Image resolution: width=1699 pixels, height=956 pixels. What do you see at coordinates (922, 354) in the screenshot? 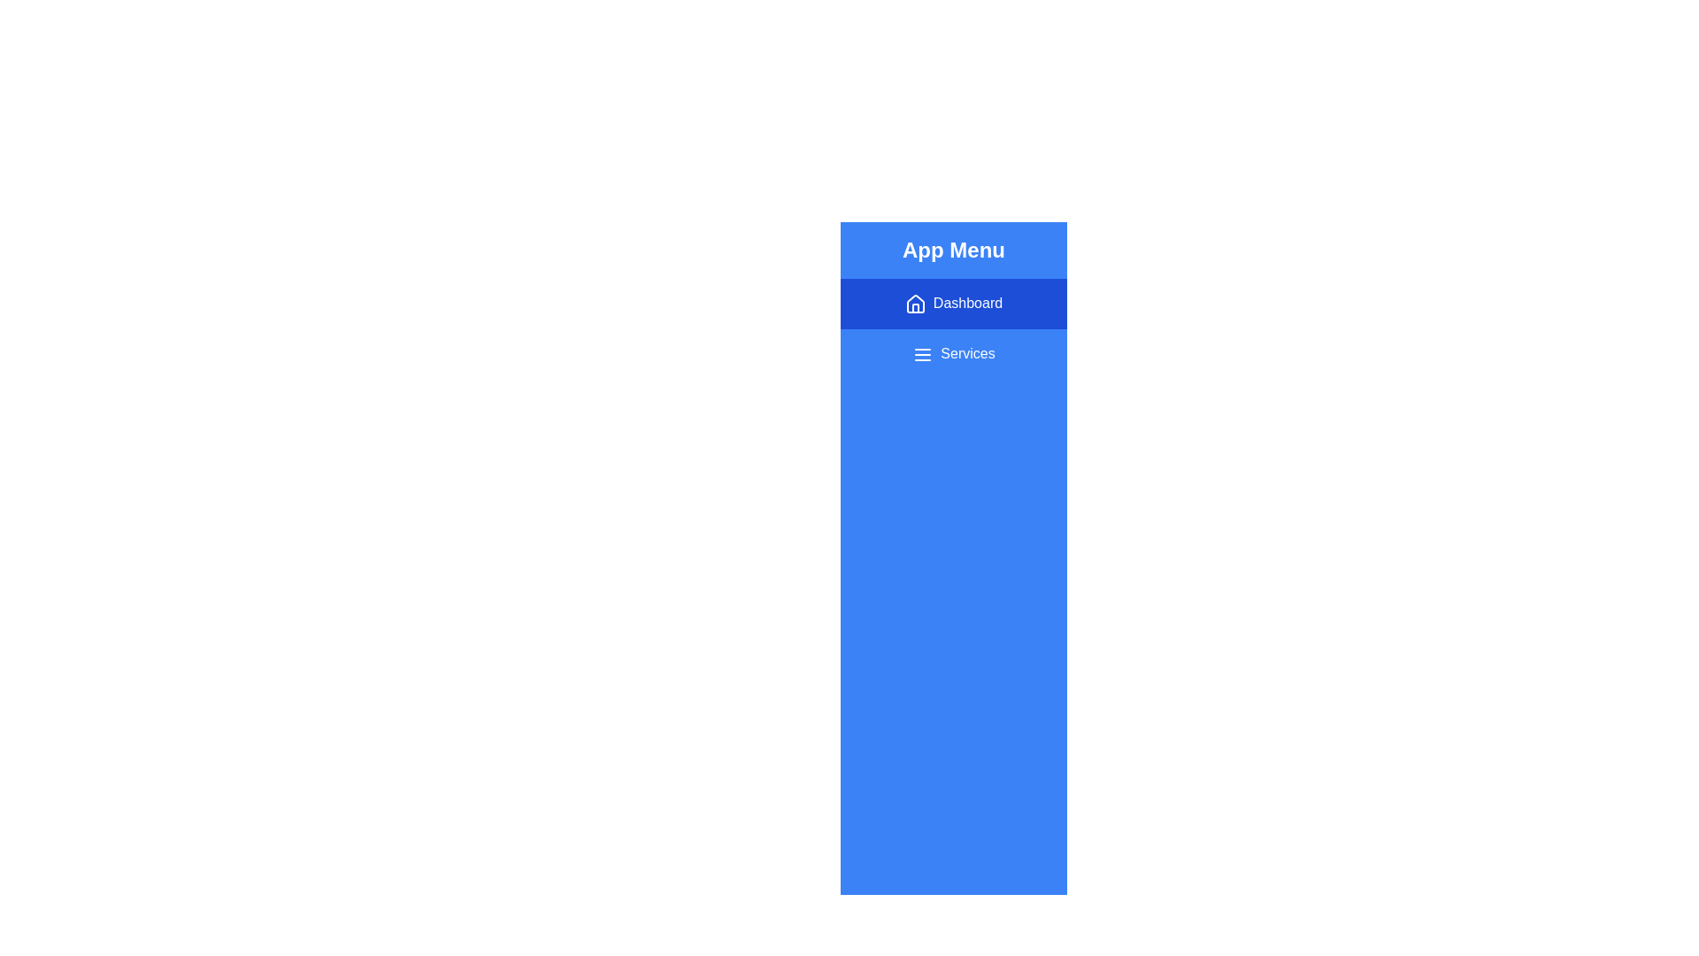
I see `the hamburger menu icon located to the left of the 'Services' text label in the vertical navigation menu` at bounding box center [922, 354].